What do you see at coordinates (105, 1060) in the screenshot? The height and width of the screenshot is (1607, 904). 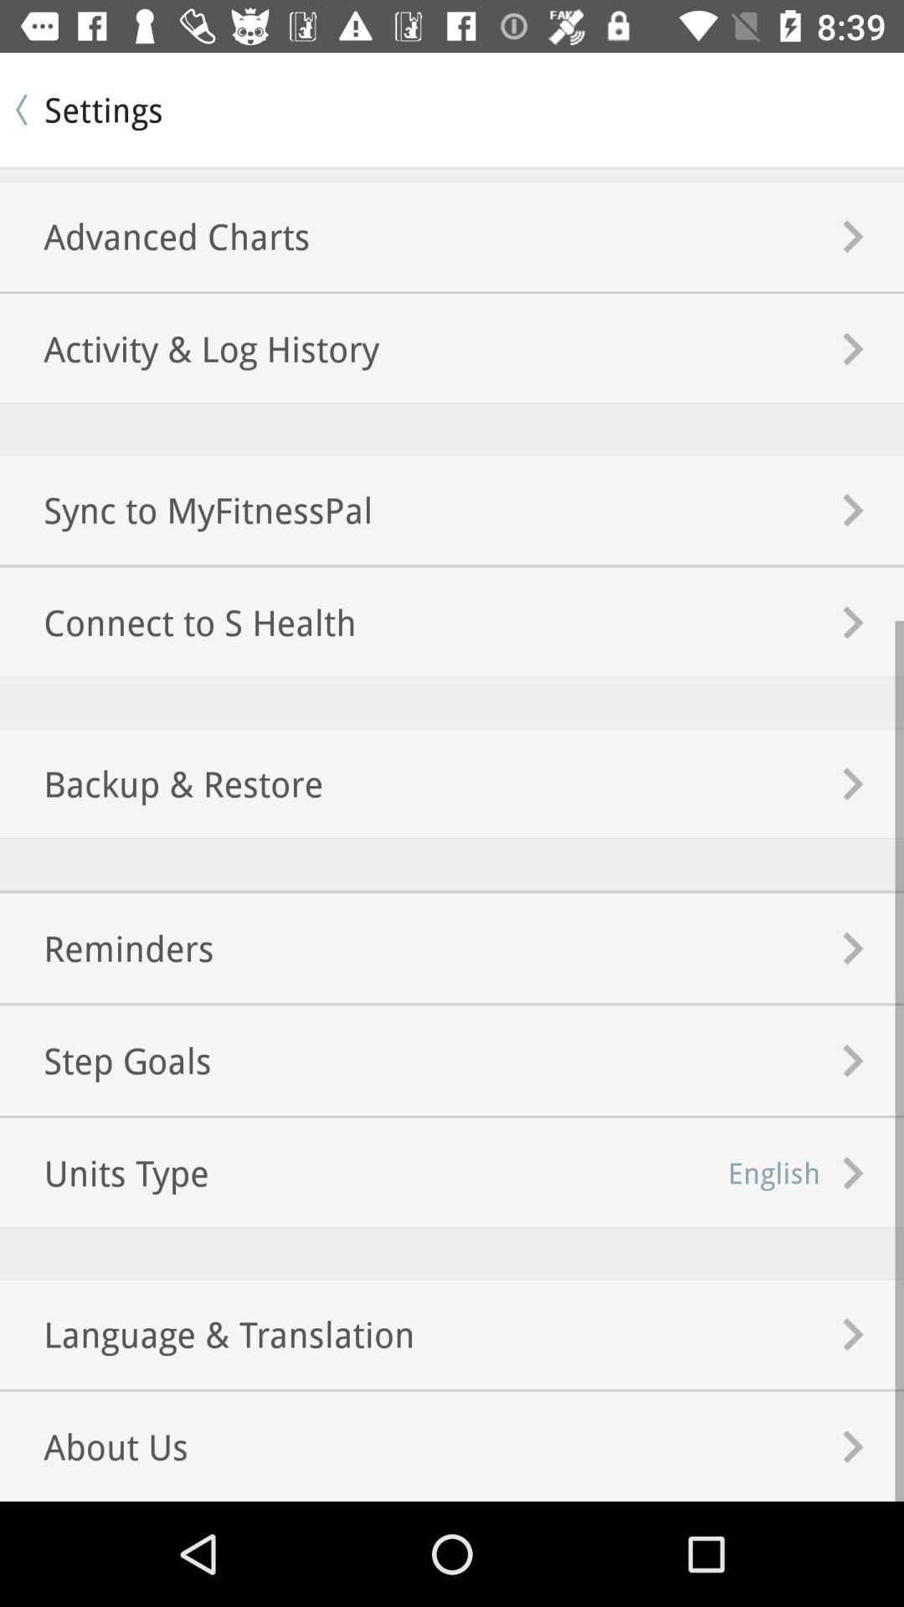 I see `the step goals icon` at bounding box center [105, 1060].